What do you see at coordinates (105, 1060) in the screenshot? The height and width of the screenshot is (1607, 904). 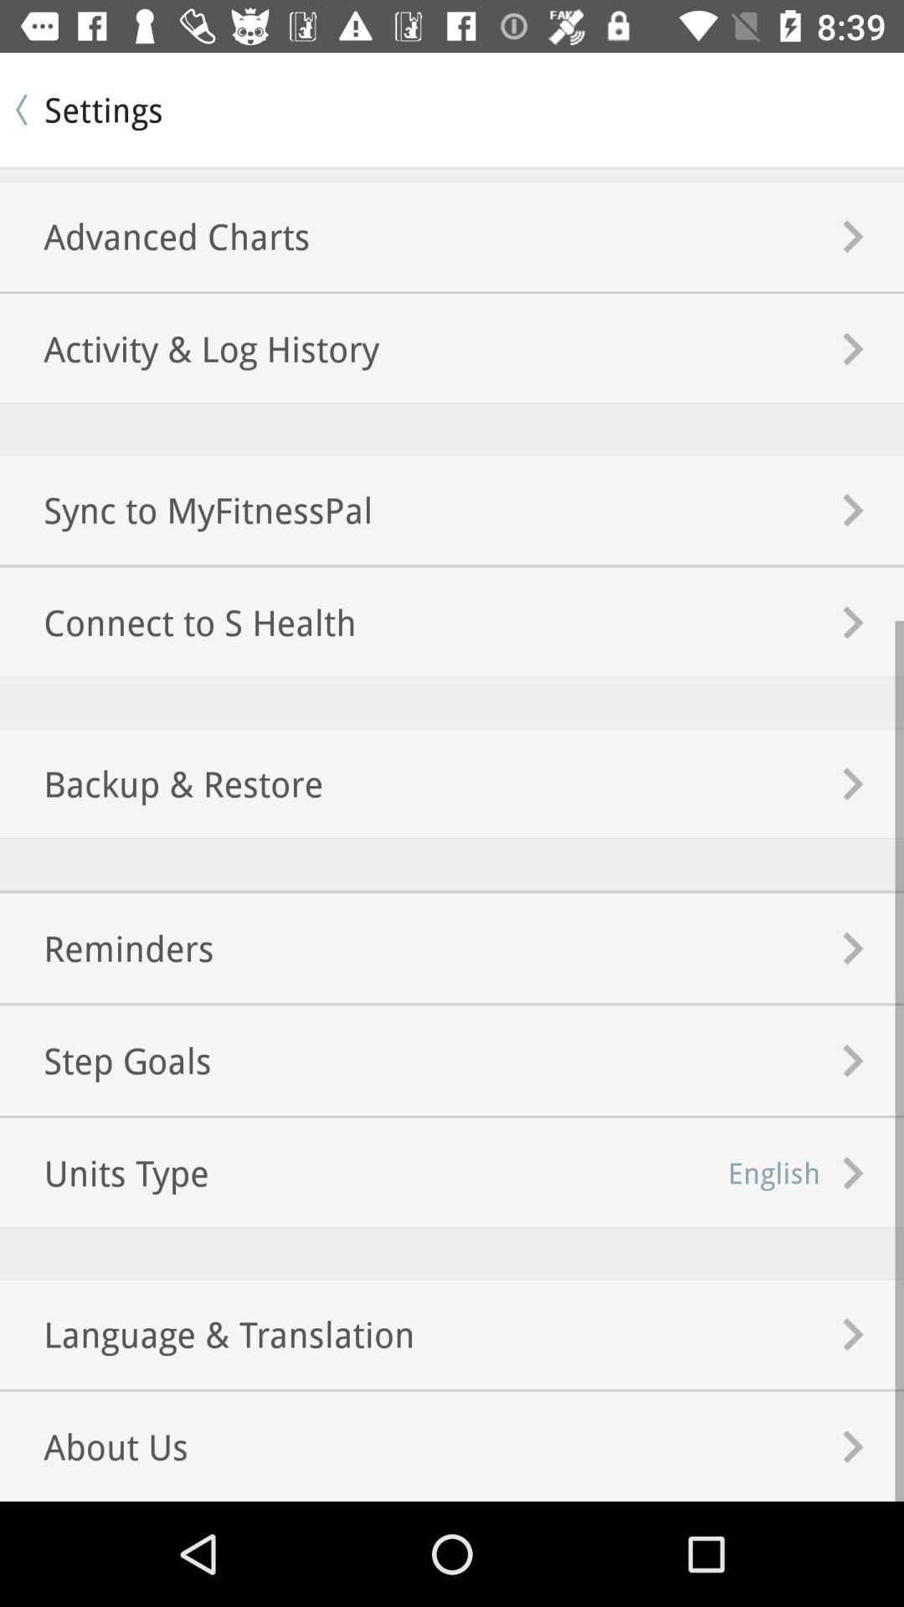 I see `the step goals icon` at bounding box center [105, 1060].